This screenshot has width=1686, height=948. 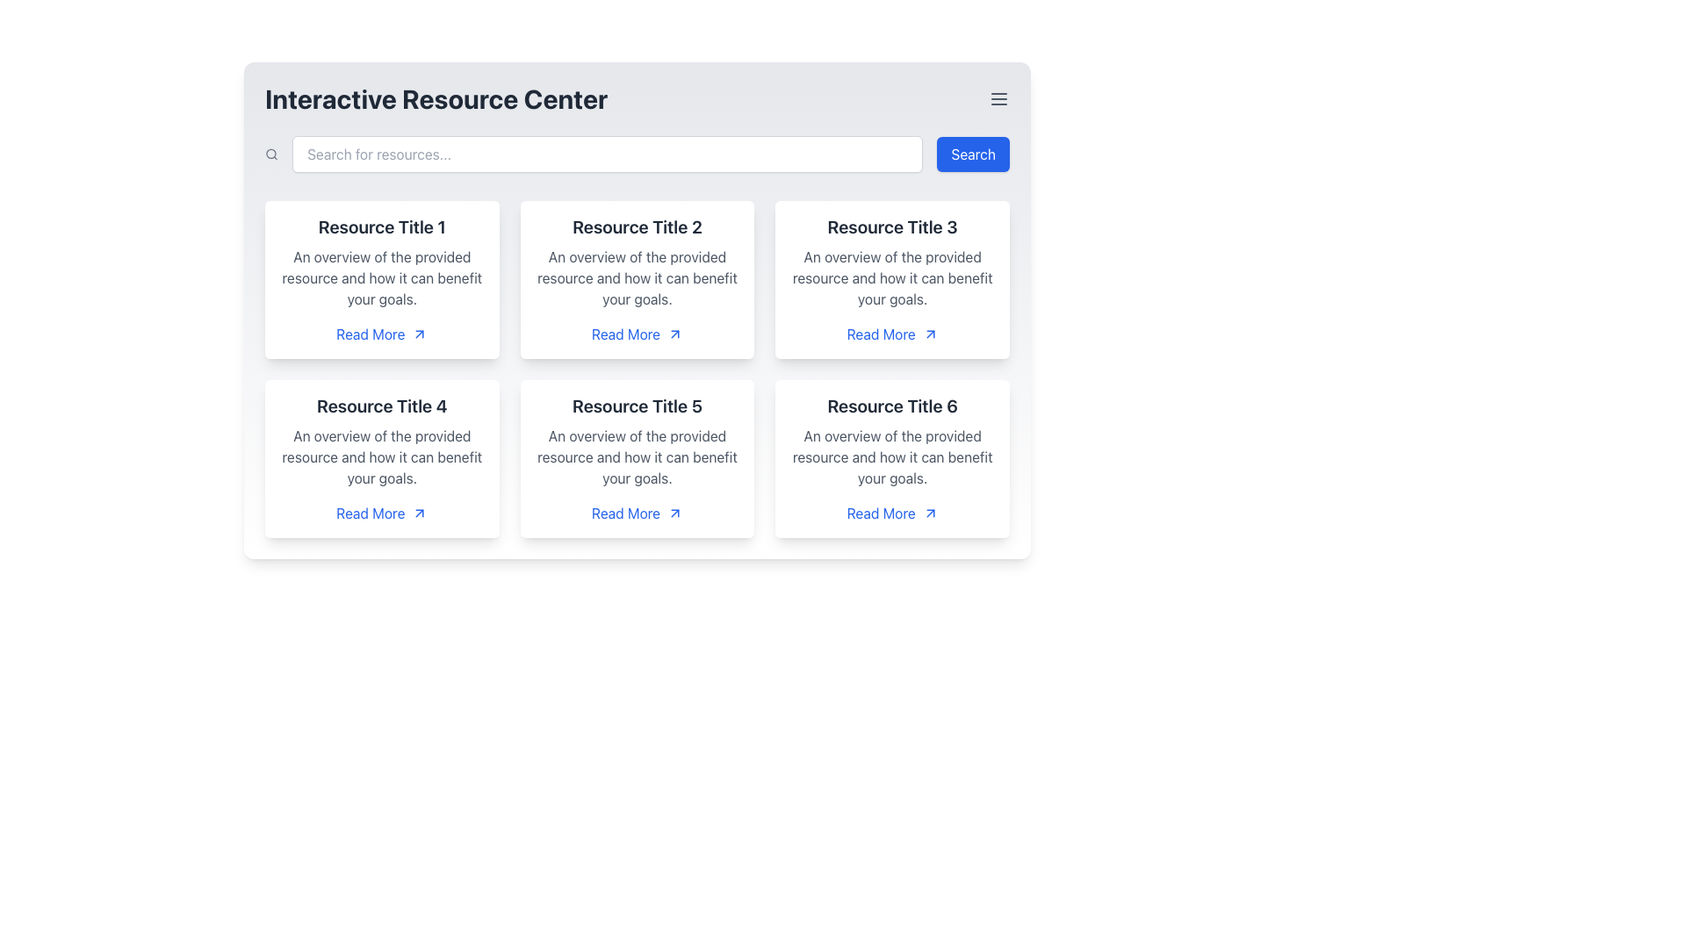 What do you see at coordinates (270, 154) in the screenshot?
I see `the search icon located to the left of the search input field in the top section of the interface` at bounding box center [270, 154].